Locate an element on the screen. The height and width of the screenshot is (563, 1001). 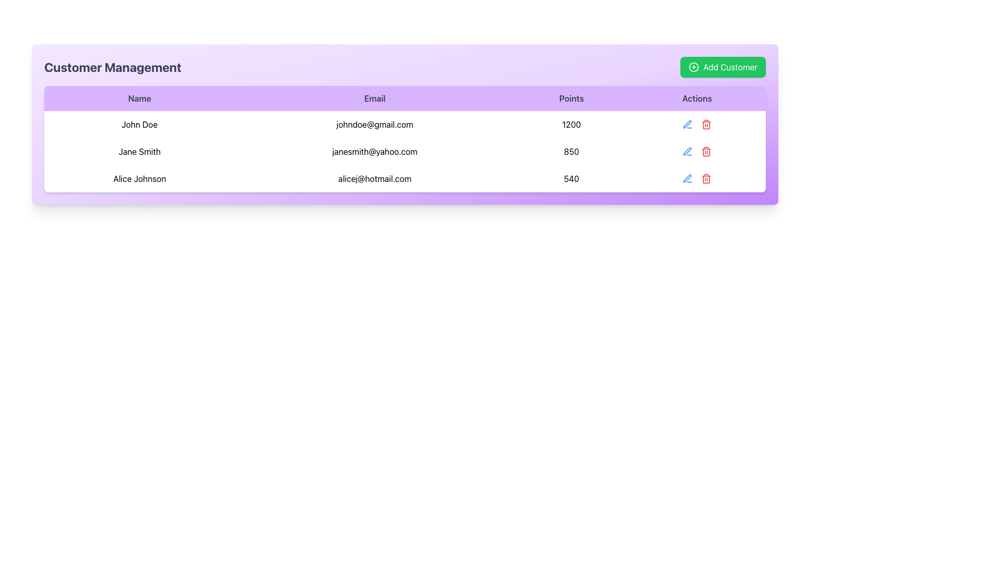
the table cell displaying 'John Doe' in the 'Name' column of the first row by moving the cursor to its center position is located at coordinates (139, 124).